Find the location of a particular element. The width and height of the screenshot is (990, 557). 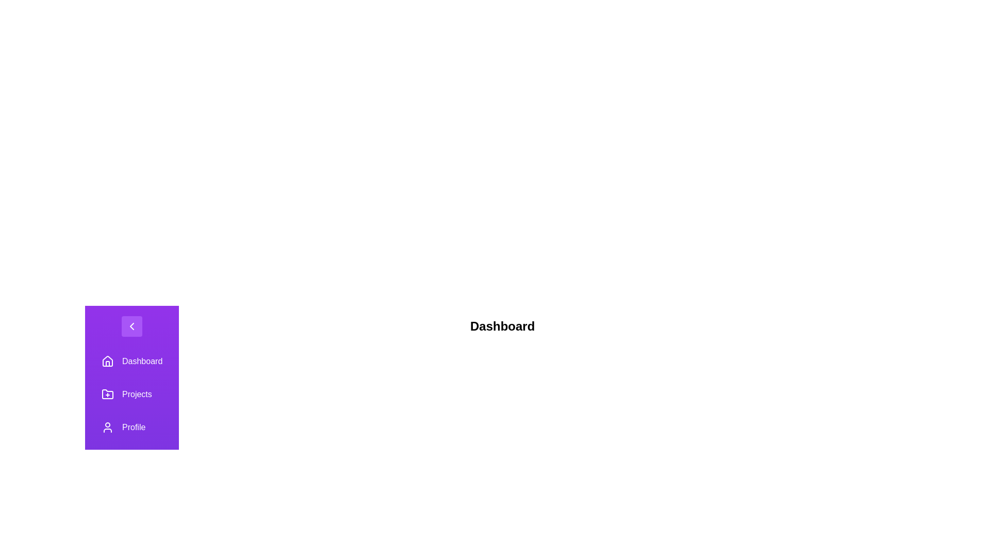

the first menu item in the vertical sidebar is located at coordinates (131, 361).